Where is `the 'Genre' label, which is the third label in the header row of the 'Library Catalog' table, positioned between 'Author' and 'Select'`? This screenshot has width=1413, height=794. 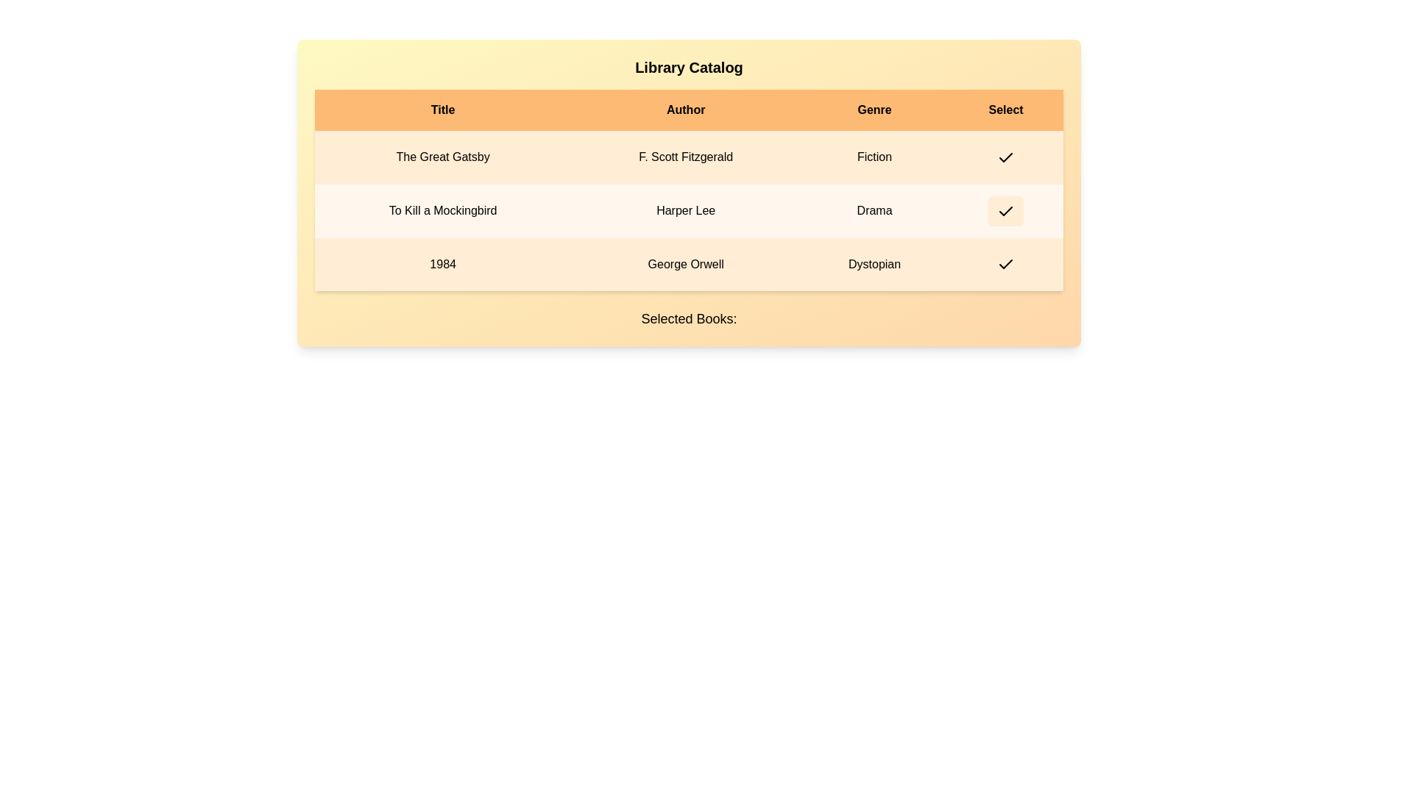
the 'Genre' label, which is the third label in the header row of the 'Library Catalog' table, positioned between 'Author' and 'Select' is located at coordinates (874, 110).